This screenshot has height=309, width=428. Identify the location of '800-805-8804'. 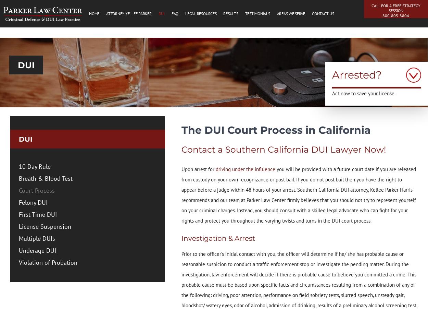
(382, 15).